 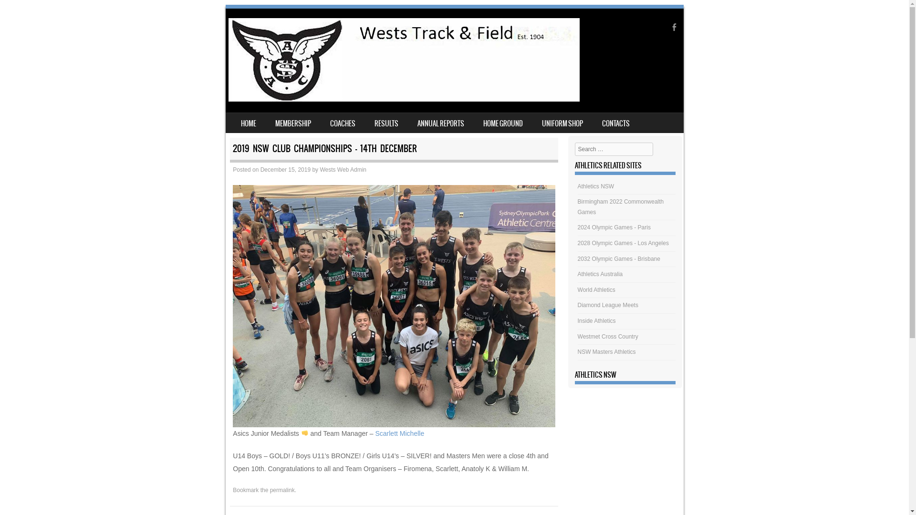 What do you see at coordinates (577, 206) in the screenshot?
I see `'Birmingham 2022 Commonwealth Games'` at bounding box center [577, 206].